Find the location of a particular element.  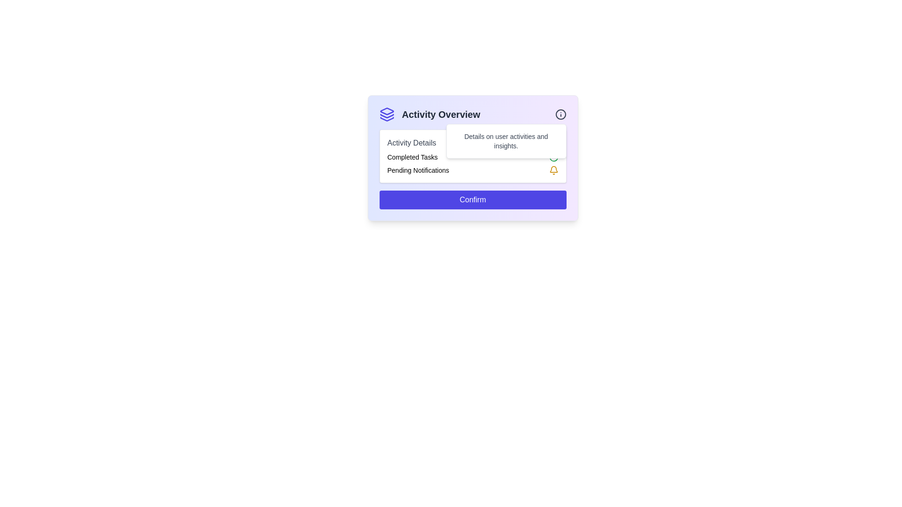

the Text label indicating pending notifications located in the lower portion of the 'Activity Overview' card, below the 'Completed Tasks' label is located at coordinates (418, 170).